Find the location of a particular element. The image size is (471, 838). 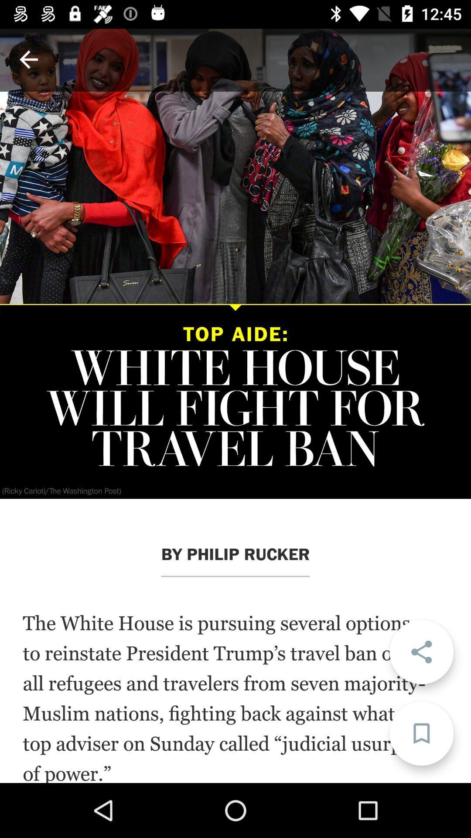

the icon at the top left corner is located at coordinates (28, 59).